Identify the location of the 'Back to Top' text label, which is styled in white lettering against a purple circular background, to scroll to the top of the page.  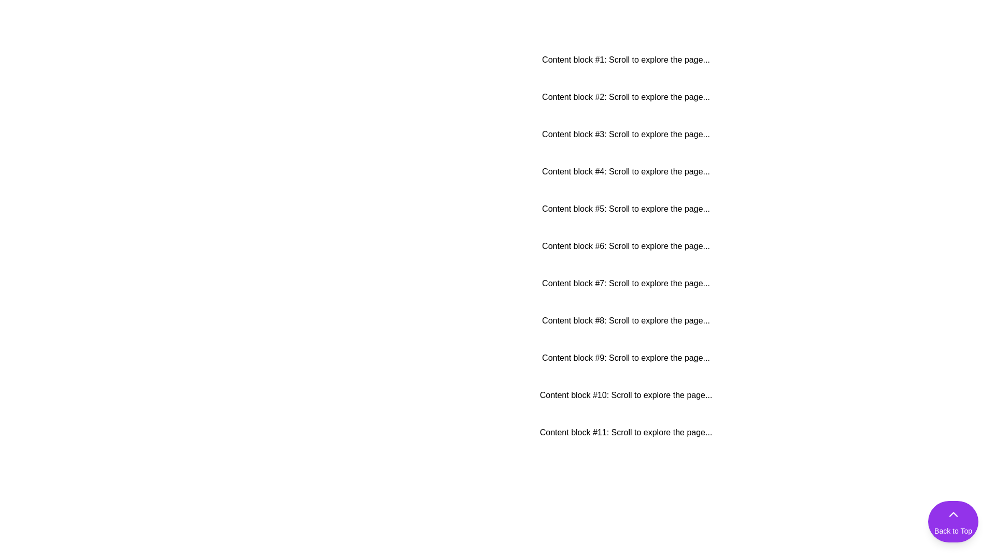
(953, 531).